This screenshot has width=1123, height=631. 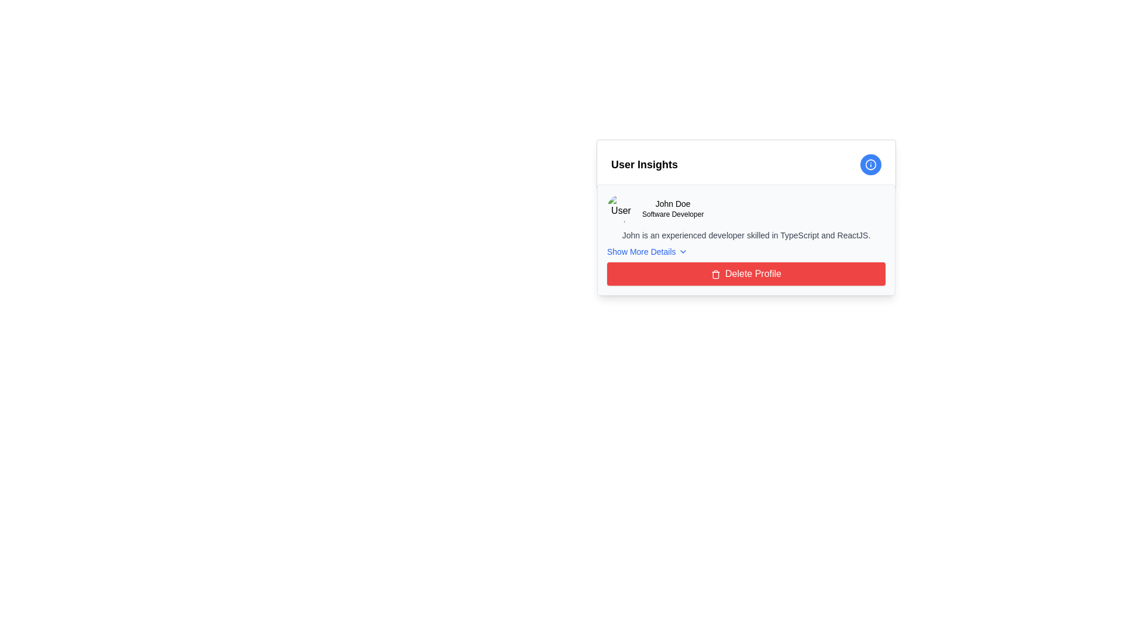 What do you see at coordinates (673, 203) in the screenshot?
I see `text content of the user name displayed in the top-left section of the user profile card, which is above the job title 'Software Developer'` at bounding box center [673, 203].